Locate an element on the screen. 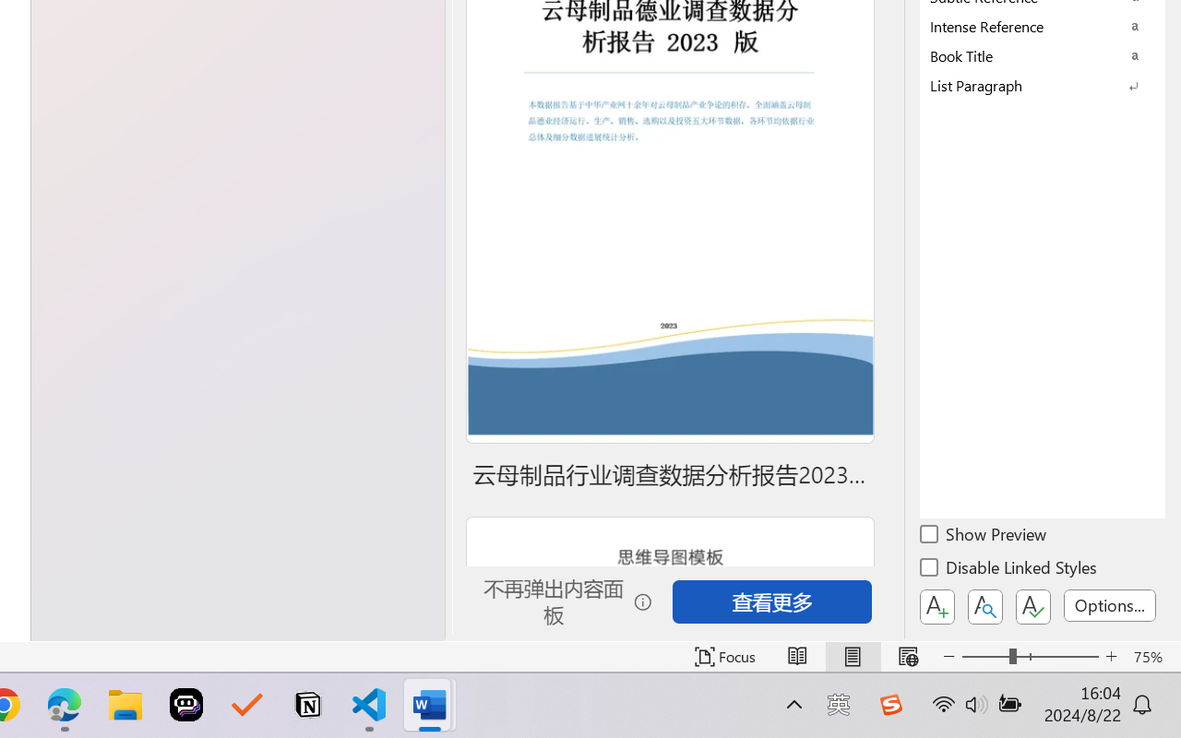 This screenshot has width=1181, height=738. 'Class: NetUIButton' is located at coordinates (1033, 606).